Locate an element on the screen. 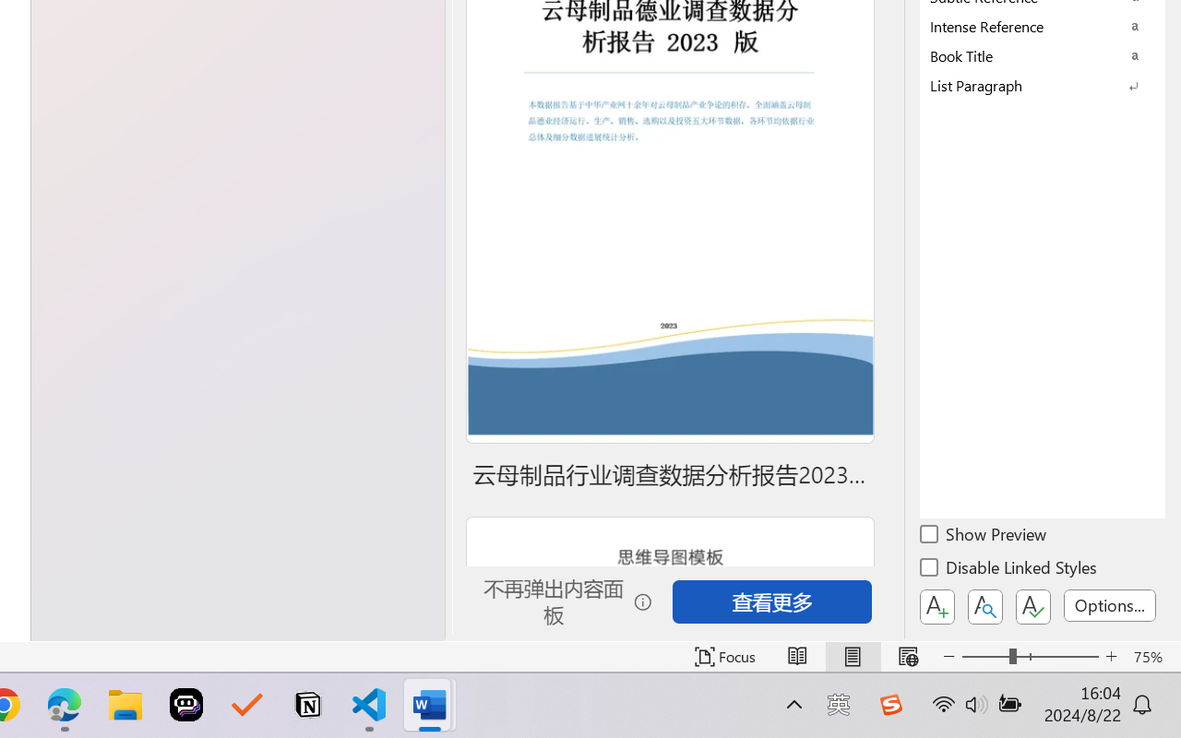 This screenshot has width=1181, height=738. 'Class: NetUIButton' is located at coordinates (1033, 606).